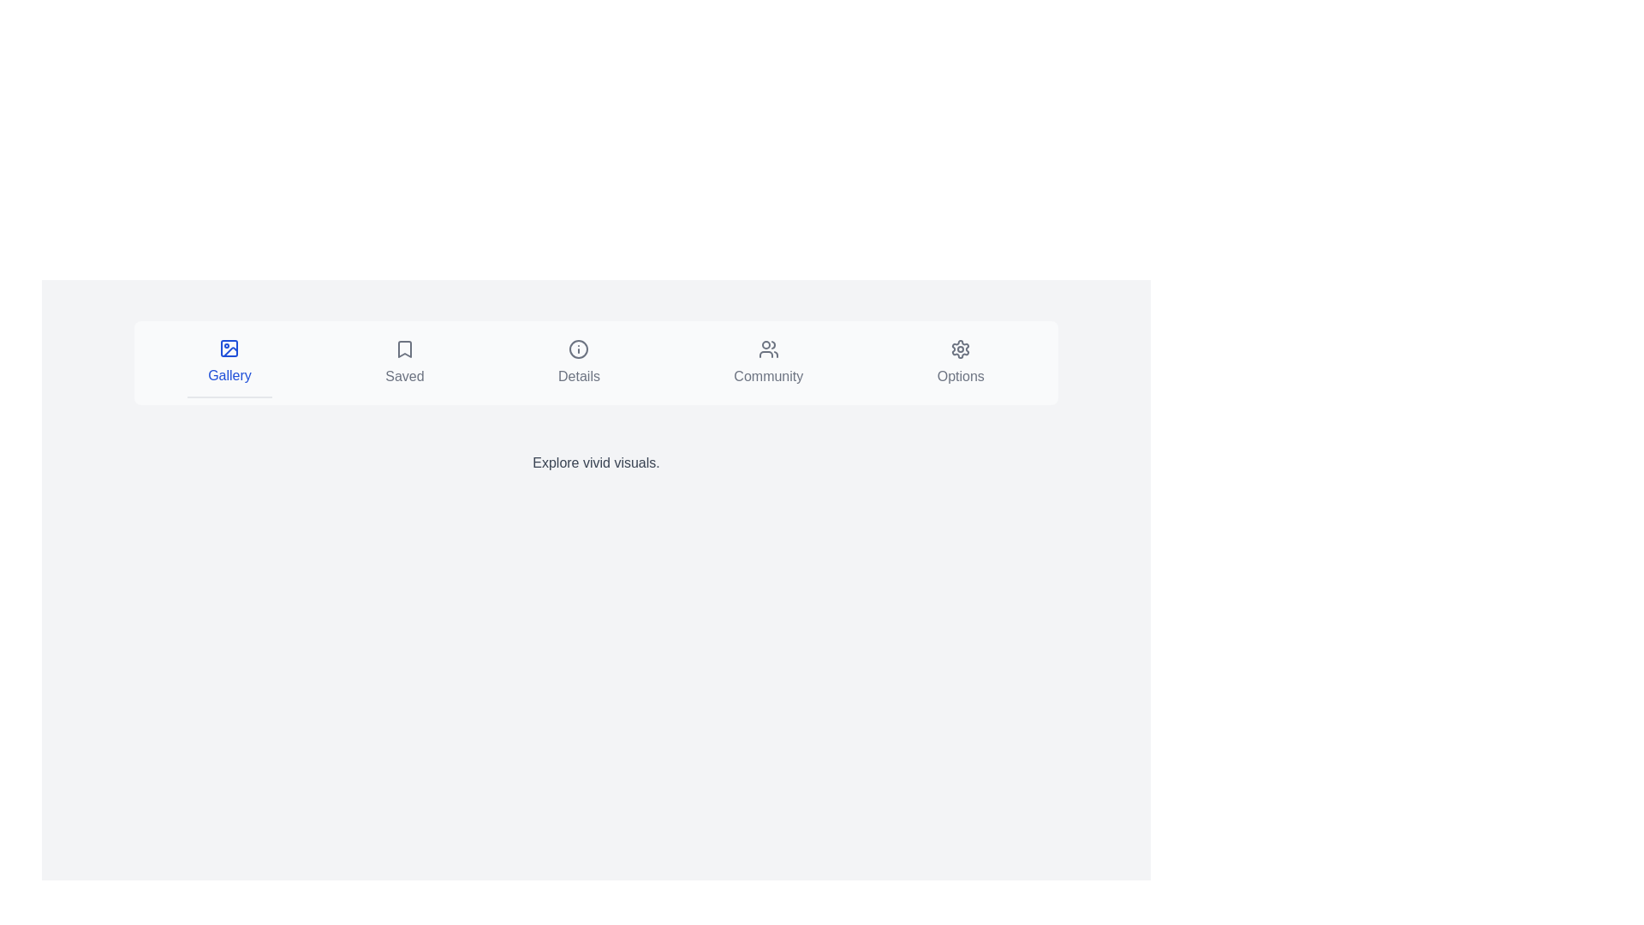  Describe the element at coordinates (961, 362) in the screenshot. I see `the tab labeled Options to display its associated content` at that location.